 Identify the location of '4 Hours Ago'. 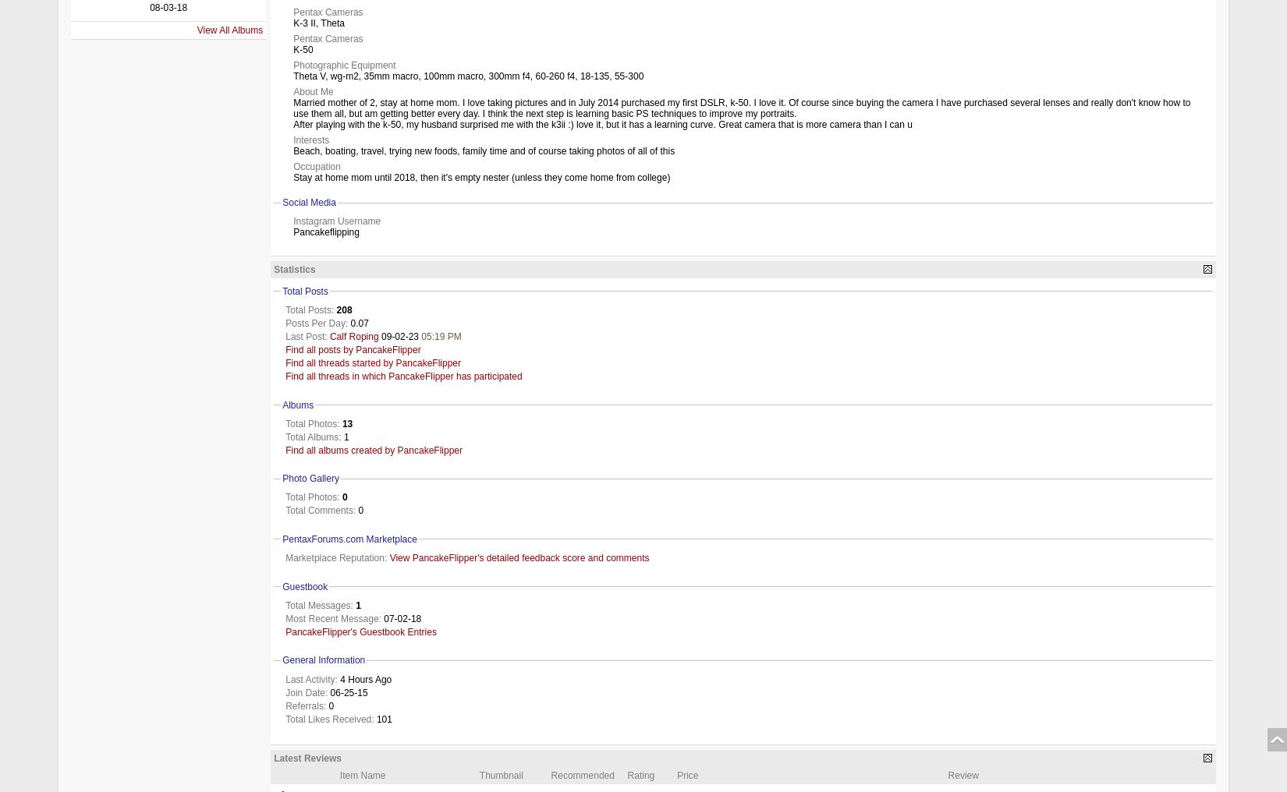
(363, 679).